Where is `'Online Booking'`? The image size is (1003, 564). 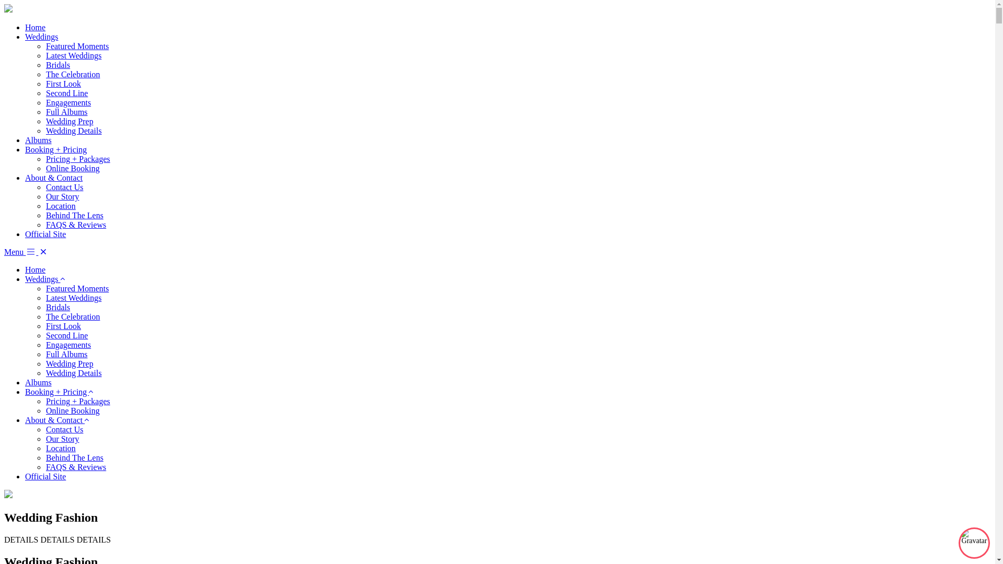 'Online Booking' is located at coordinates (72, 168).